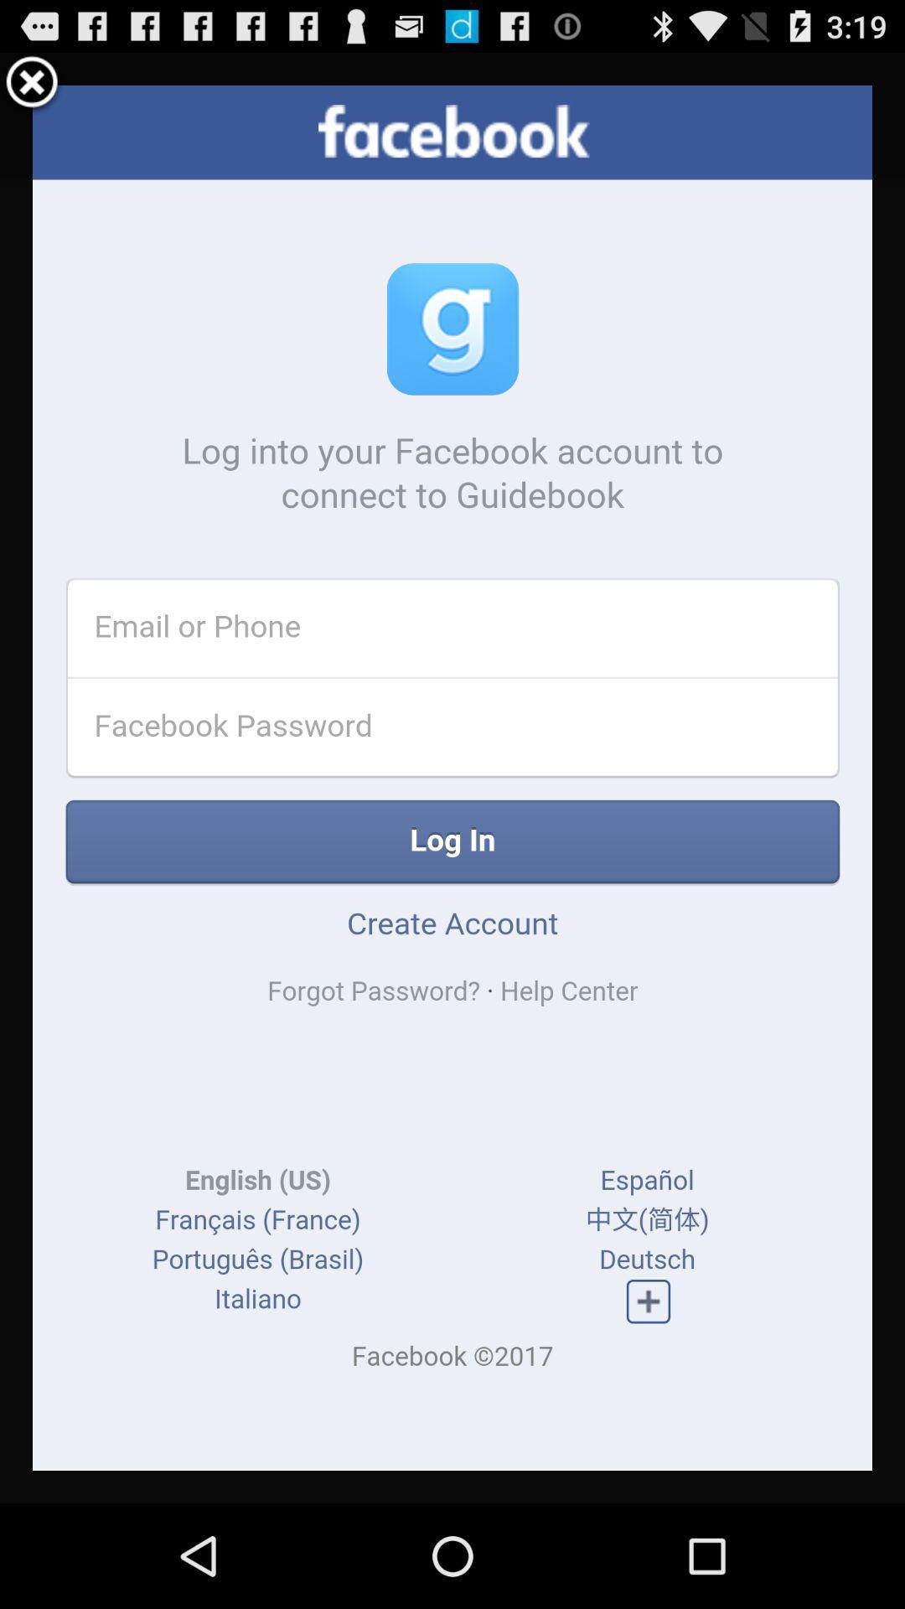  What do you see at coordinates (32, 84) in the screenshot?
I see `cole` at bounding box center [32, 84].